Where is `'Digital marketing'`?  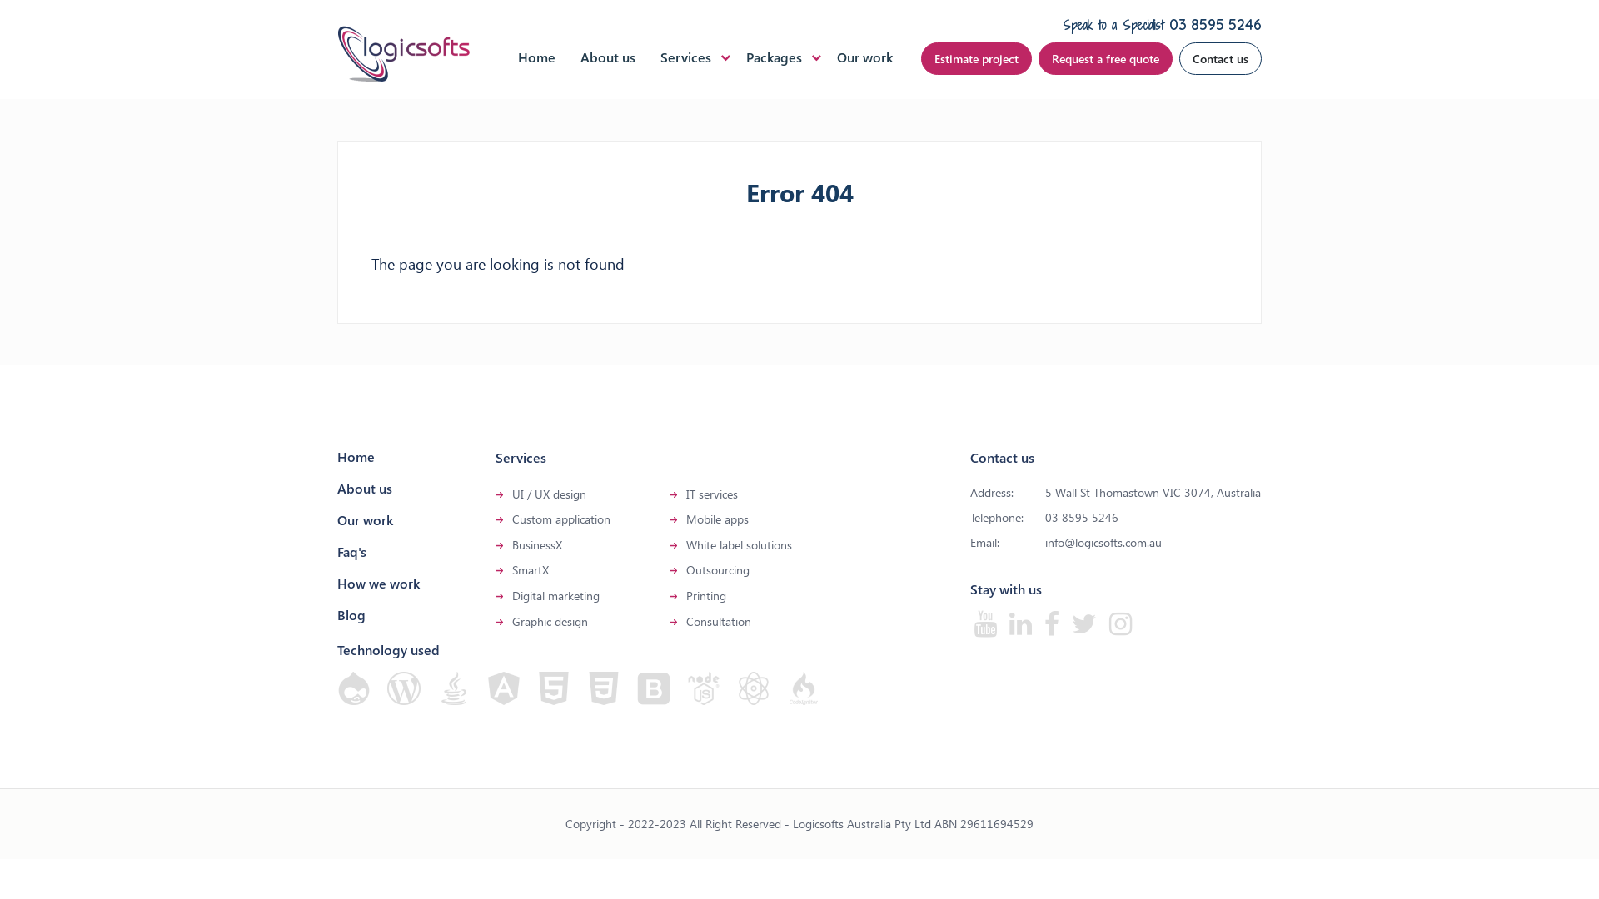
'Digital marketing' is located at coordinates (511, 594).